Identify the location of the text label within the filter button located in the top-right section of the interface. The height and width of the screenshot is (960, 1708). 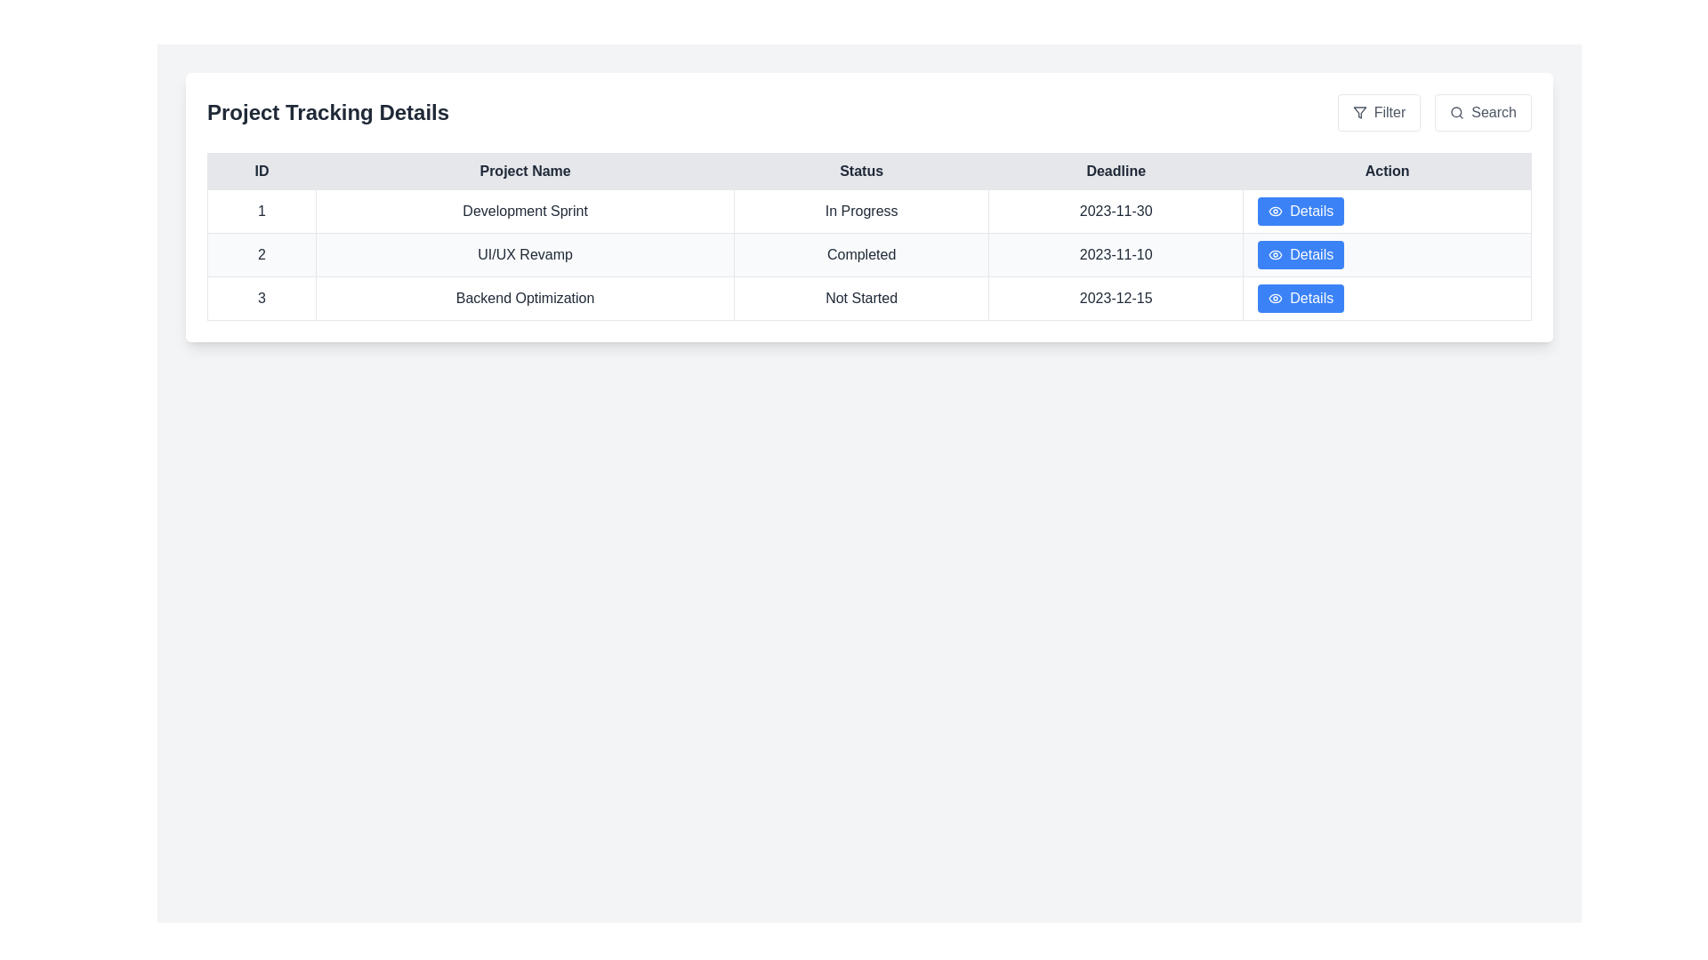
(1389, 113).